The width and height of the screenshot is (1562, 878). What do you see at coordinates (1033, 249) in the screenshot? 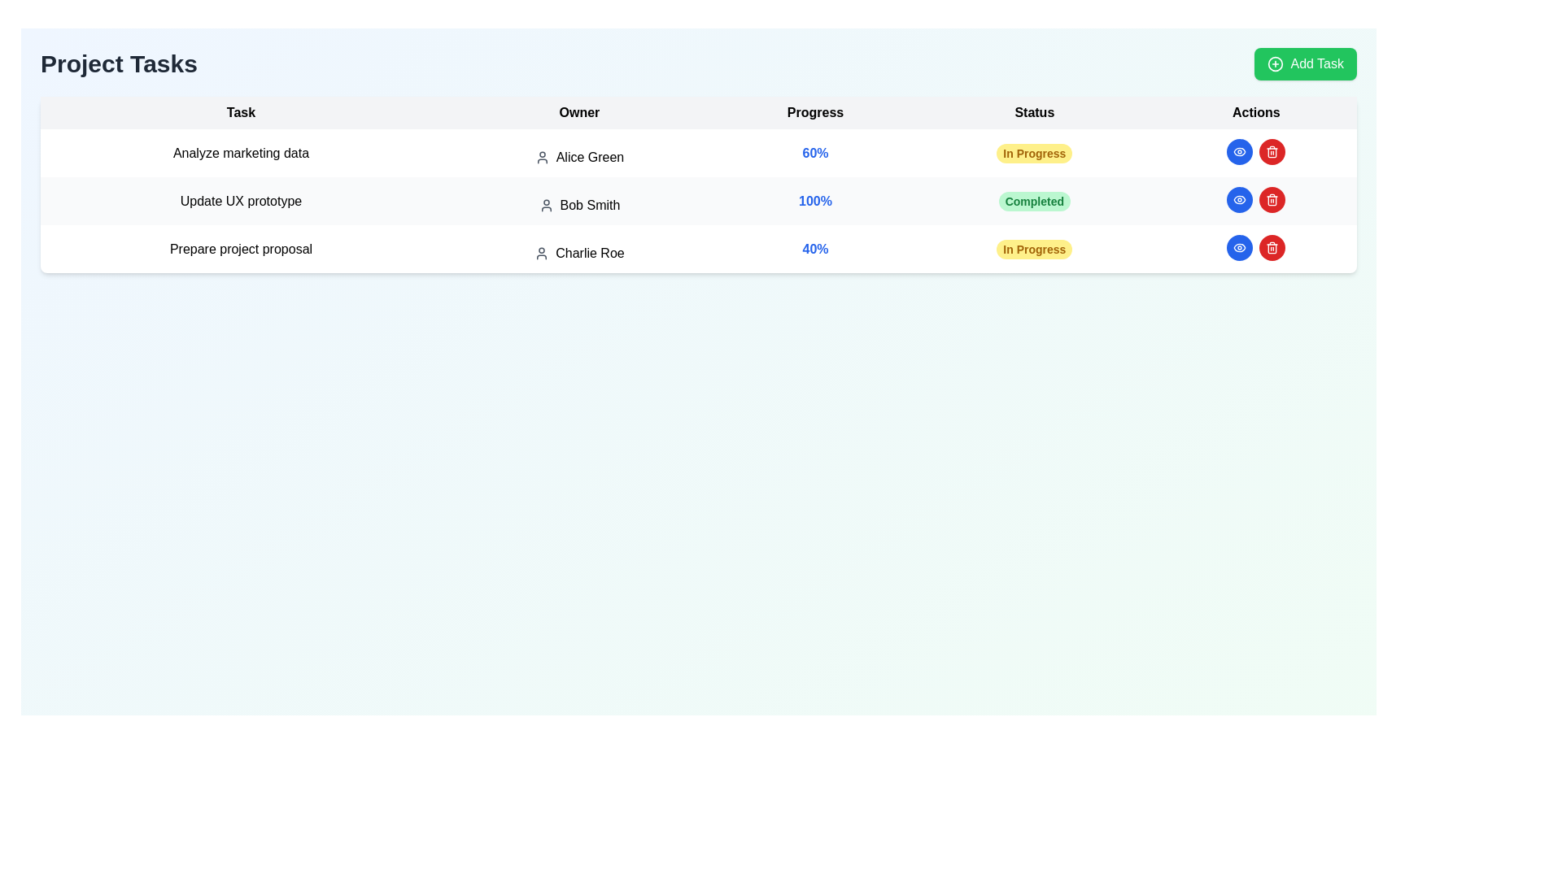
I see `the status indicator label for the task labeled 'Prepare project proposal', which shows the current state as 'In Progress', located in the 'Status' column adjacent to the 'Progress' column value of '40%'` at bounding box center [1033, 249].